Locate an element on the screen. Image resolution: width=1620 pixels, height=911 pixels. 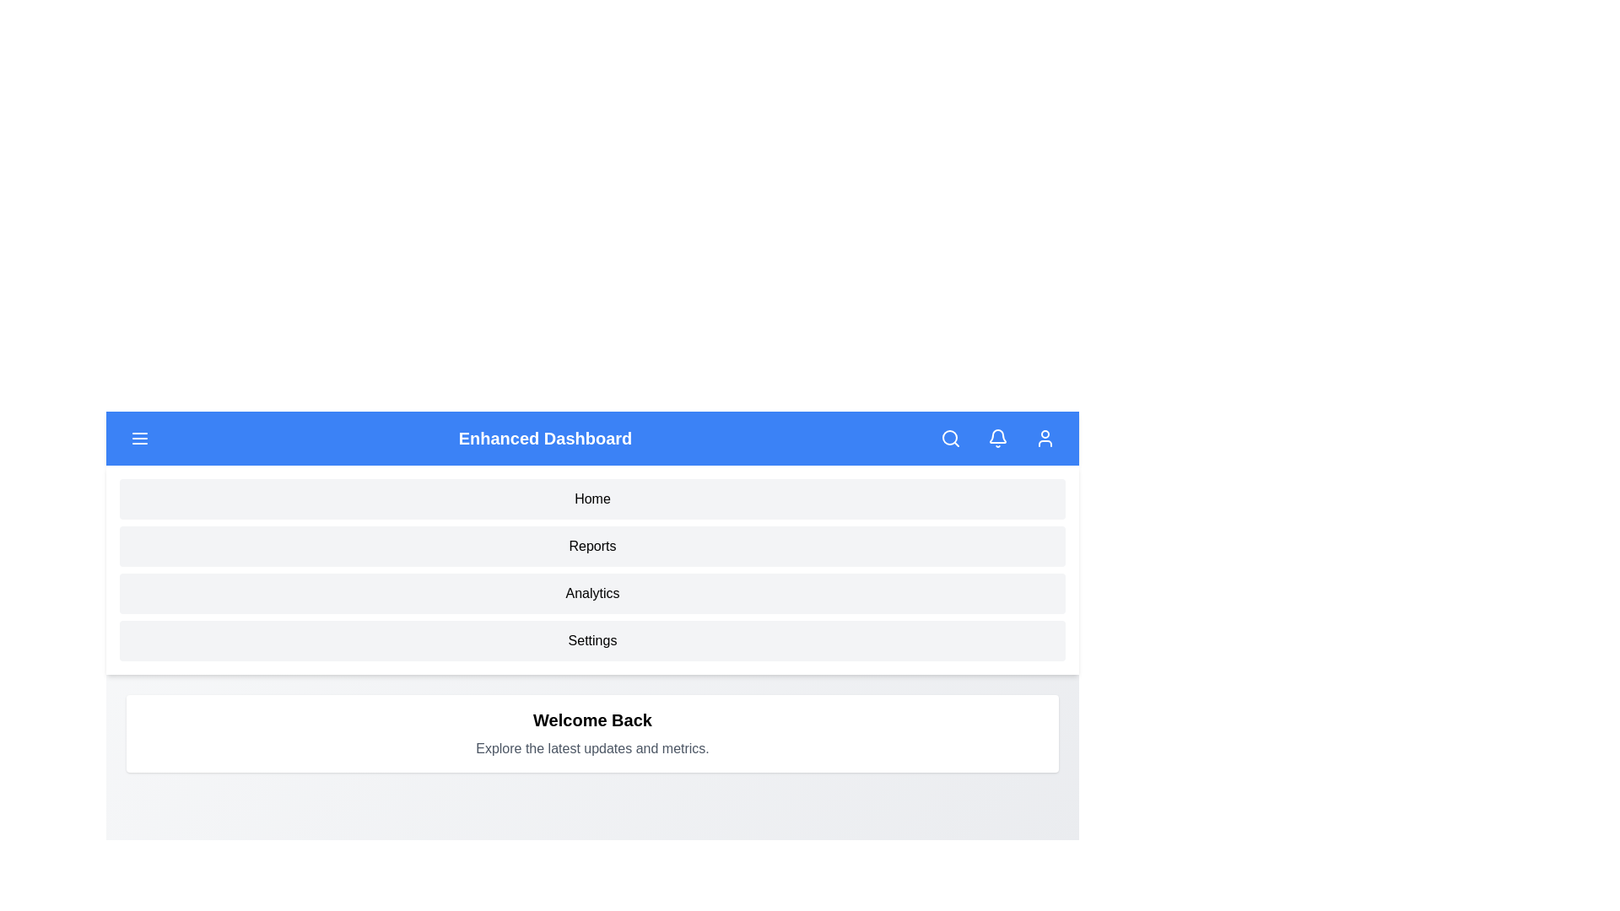
the search icon to initiate a search action is located at coordinates (951, 438).